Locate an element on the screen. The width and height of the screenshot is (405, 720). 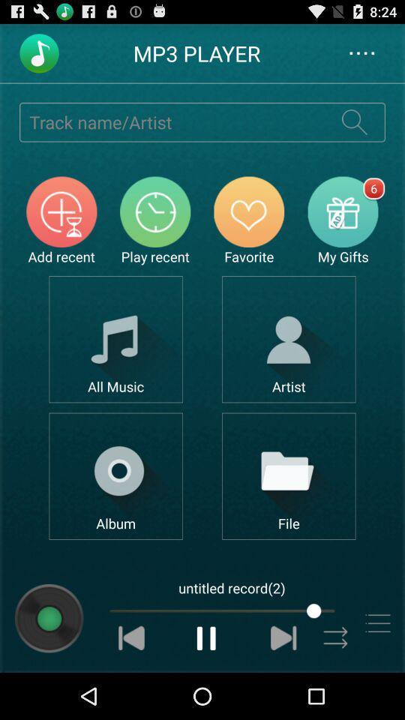
music album organizer menu button is located at coordinates (115, 475).